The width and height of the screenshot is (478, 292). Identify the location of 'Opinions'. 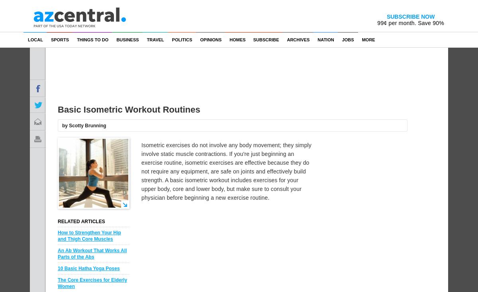
(210, 39).